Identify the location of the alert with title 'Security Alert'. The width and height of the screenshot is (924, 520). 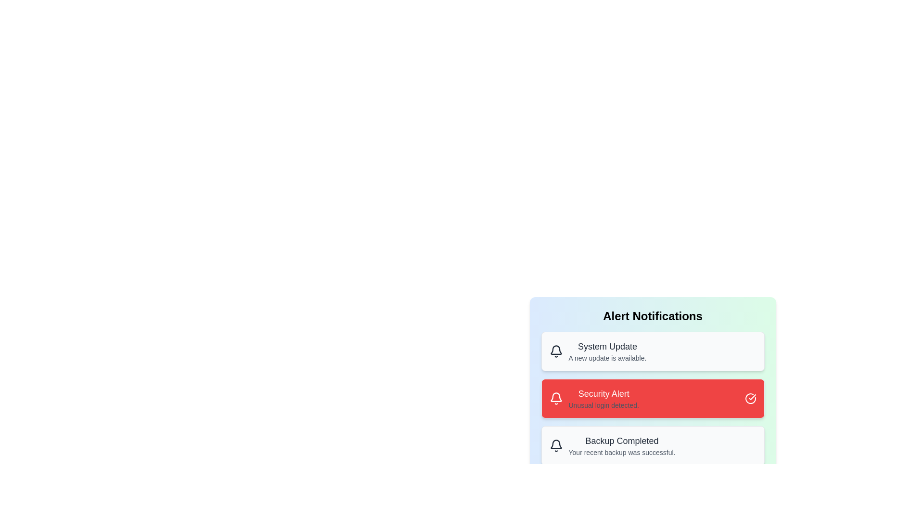
(653, 399).